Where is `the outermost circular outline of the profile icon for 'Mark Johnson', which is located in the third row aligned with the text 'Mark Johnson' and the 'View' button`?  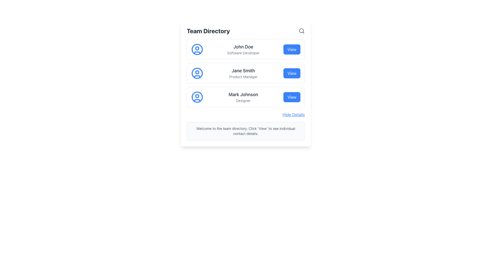 the outermost circular outline of the profile icon for 'Mark Johnson', which is located in the third row aligned with the text 'Mark Johnson' and the 'View' button is located at coordinates (197, 97).